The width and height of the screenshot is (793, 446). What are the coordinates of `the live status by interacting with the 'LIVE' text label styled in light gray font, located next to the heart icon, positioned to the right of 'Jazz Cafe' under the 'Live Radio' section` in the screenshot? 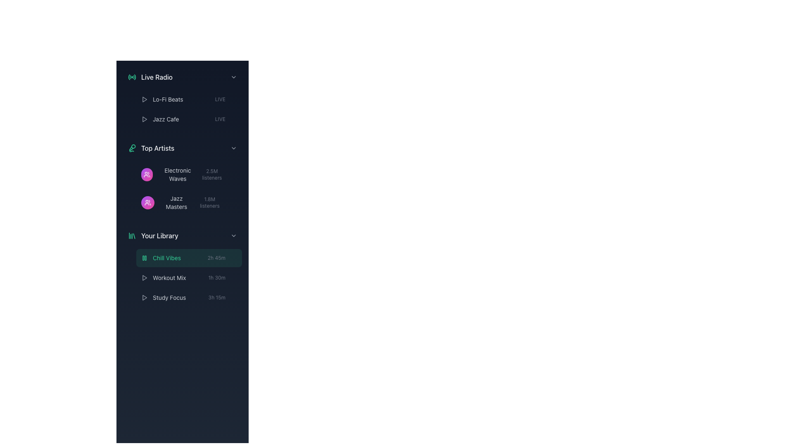 It's located at (226, 119).